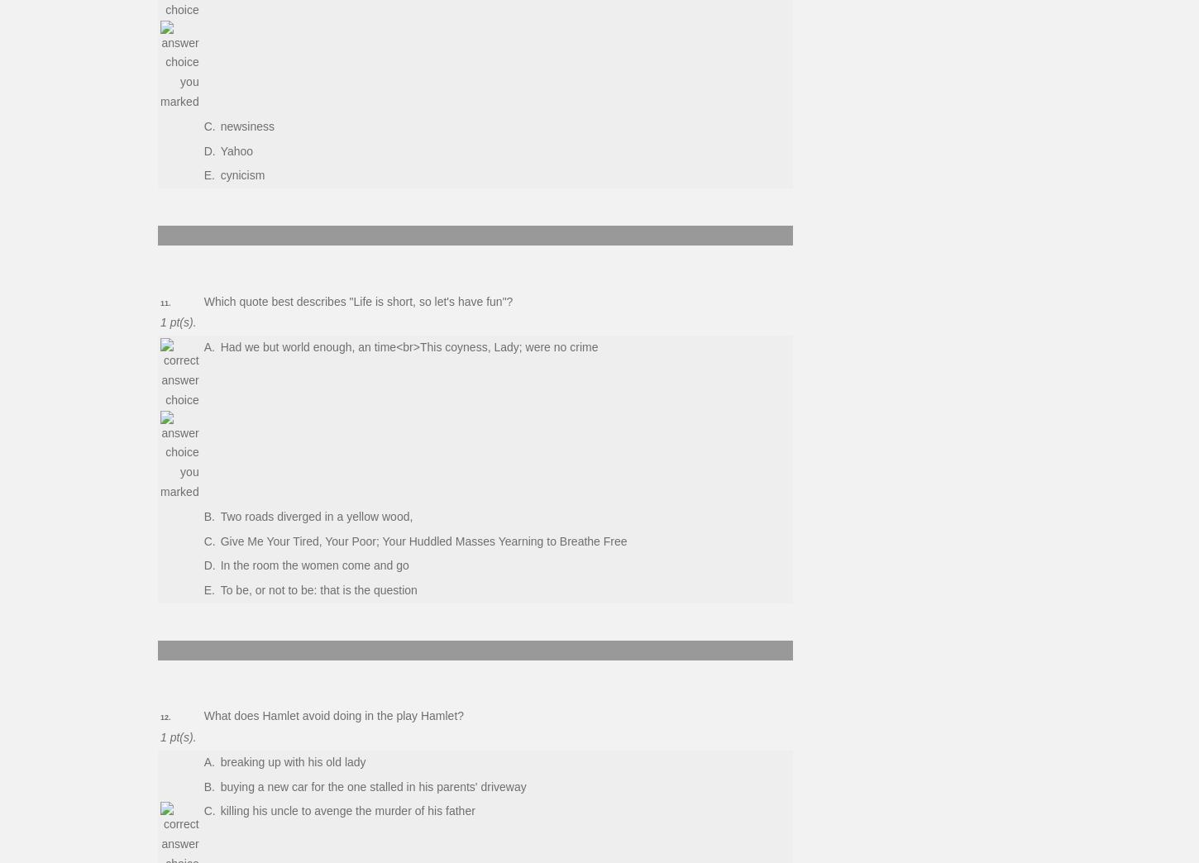 This screenshot has width=1199, height=863. Describe the element at coordinates (242, 175) in the screenshot. I see `'cynicism'` at that location.